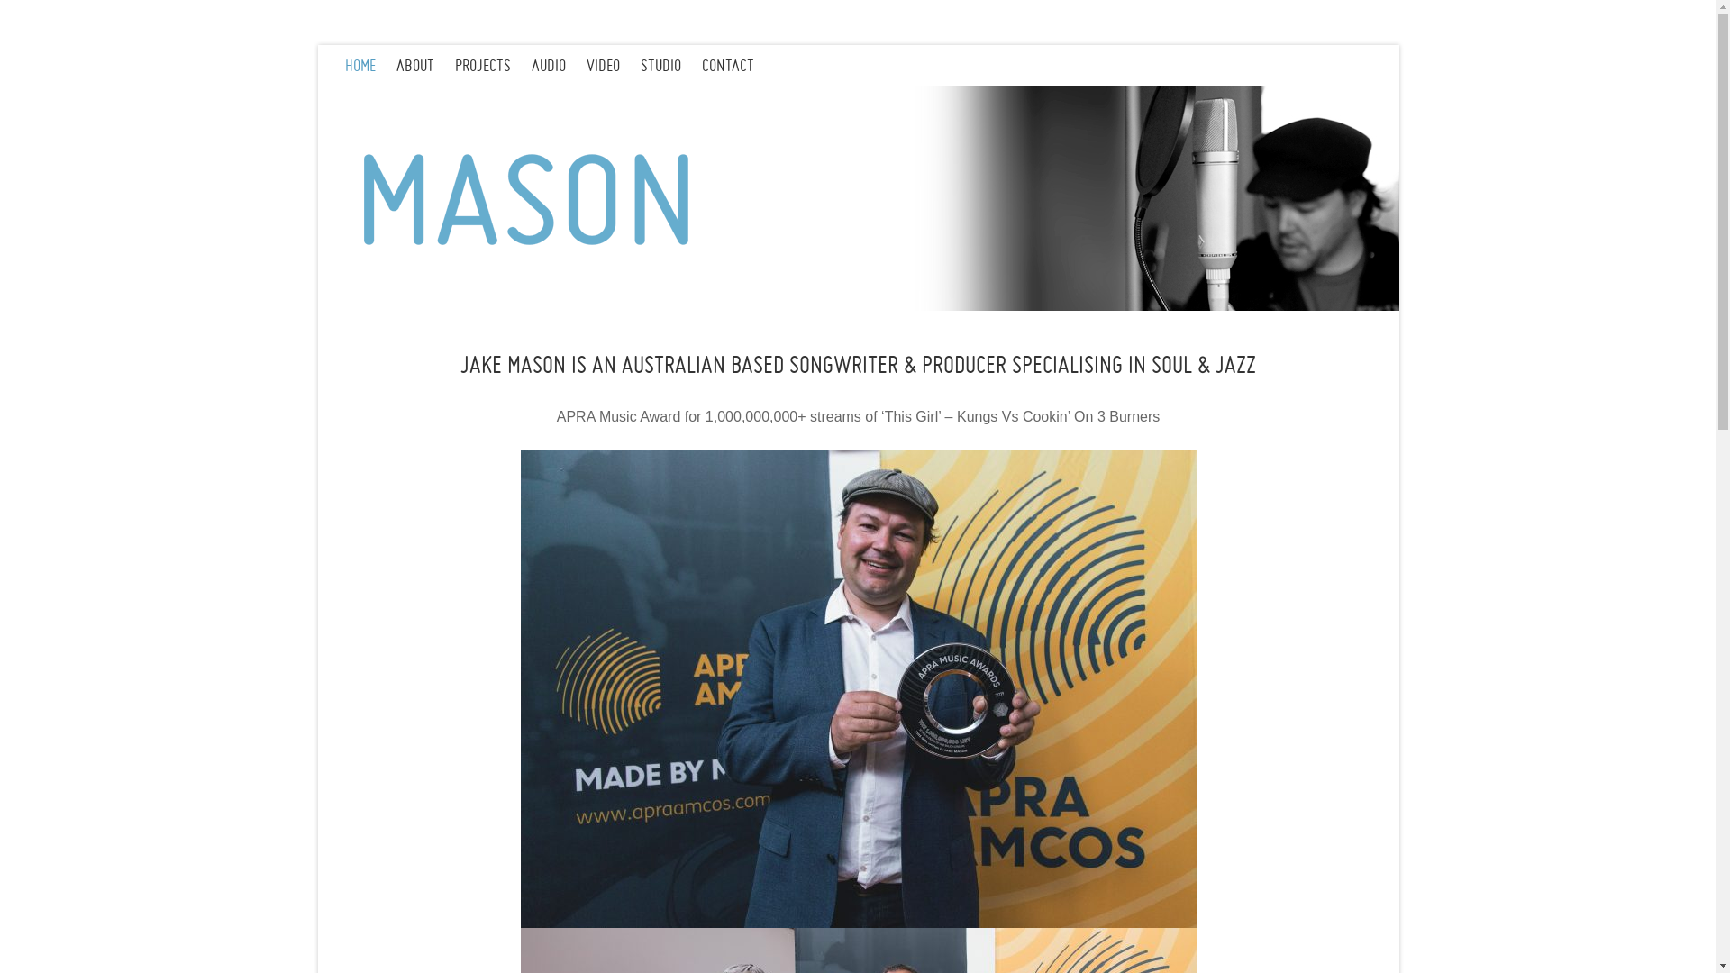 This screenshot has height=973, width=1730. Describe the element at coordinates (454, 64) in the screenshot. I see `'PROJECTS'` at that location.